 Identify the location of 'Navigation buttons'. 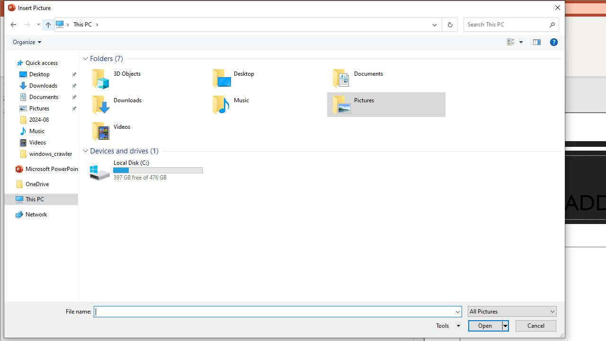
(24, 24).